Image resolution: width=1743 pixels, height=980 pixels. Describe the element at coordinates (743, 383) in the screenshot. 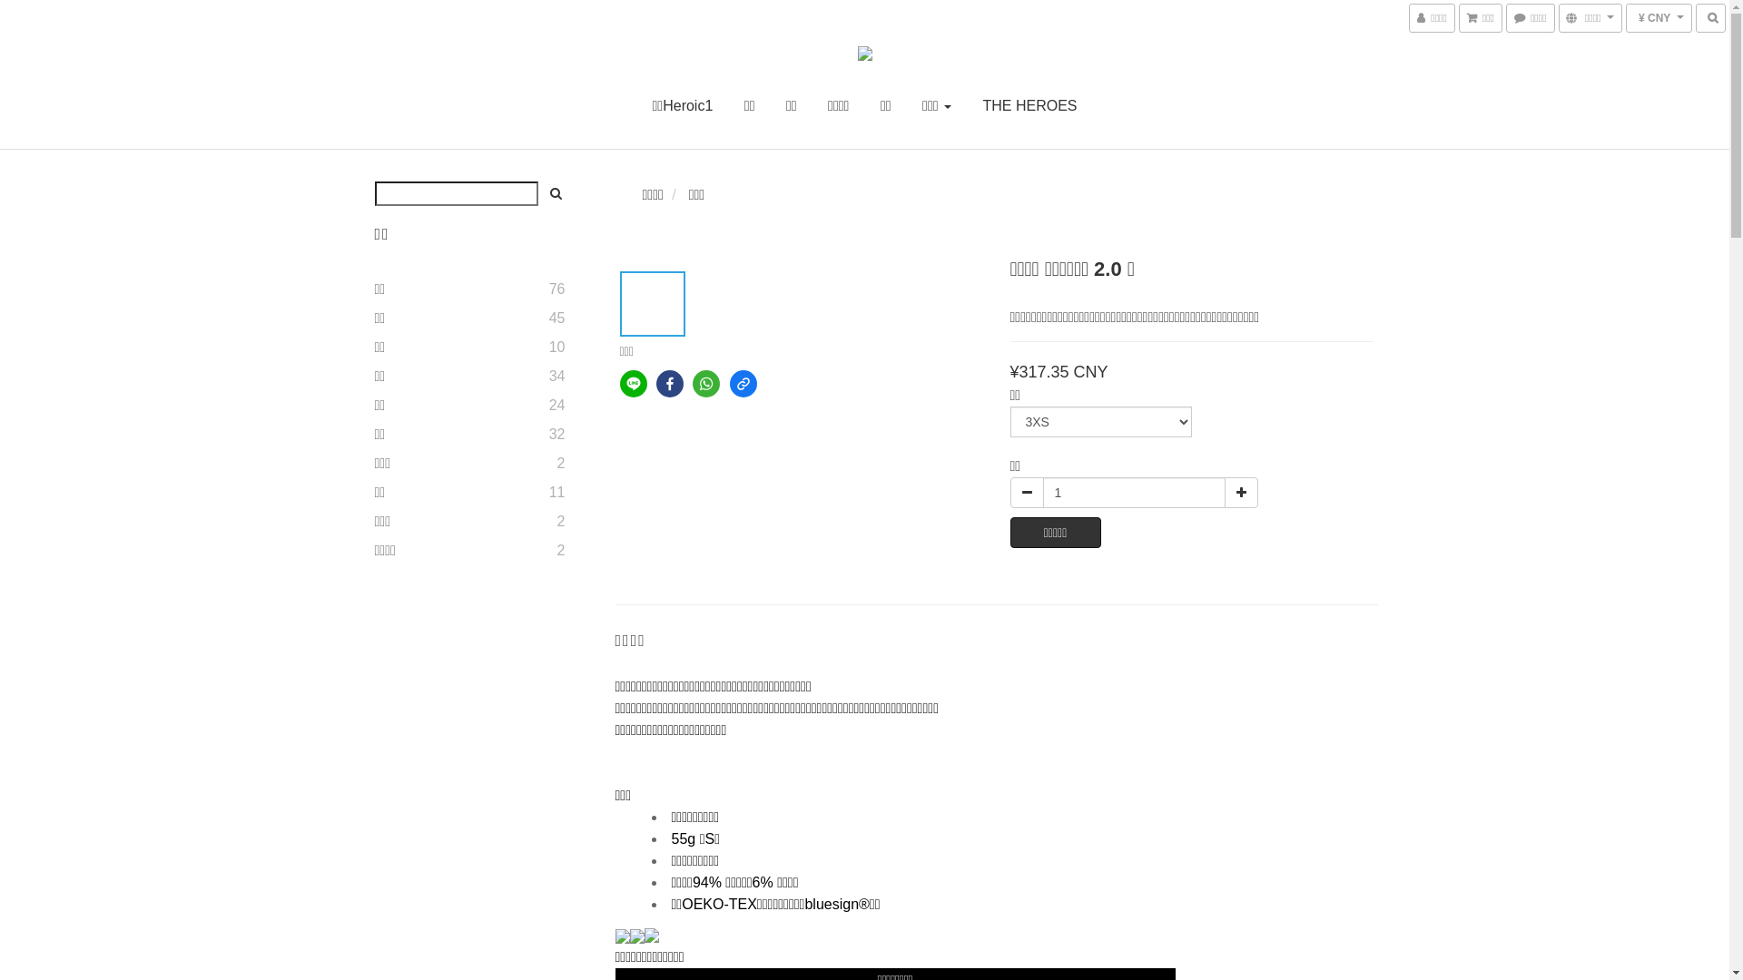

I see `'copy link'` at that location.